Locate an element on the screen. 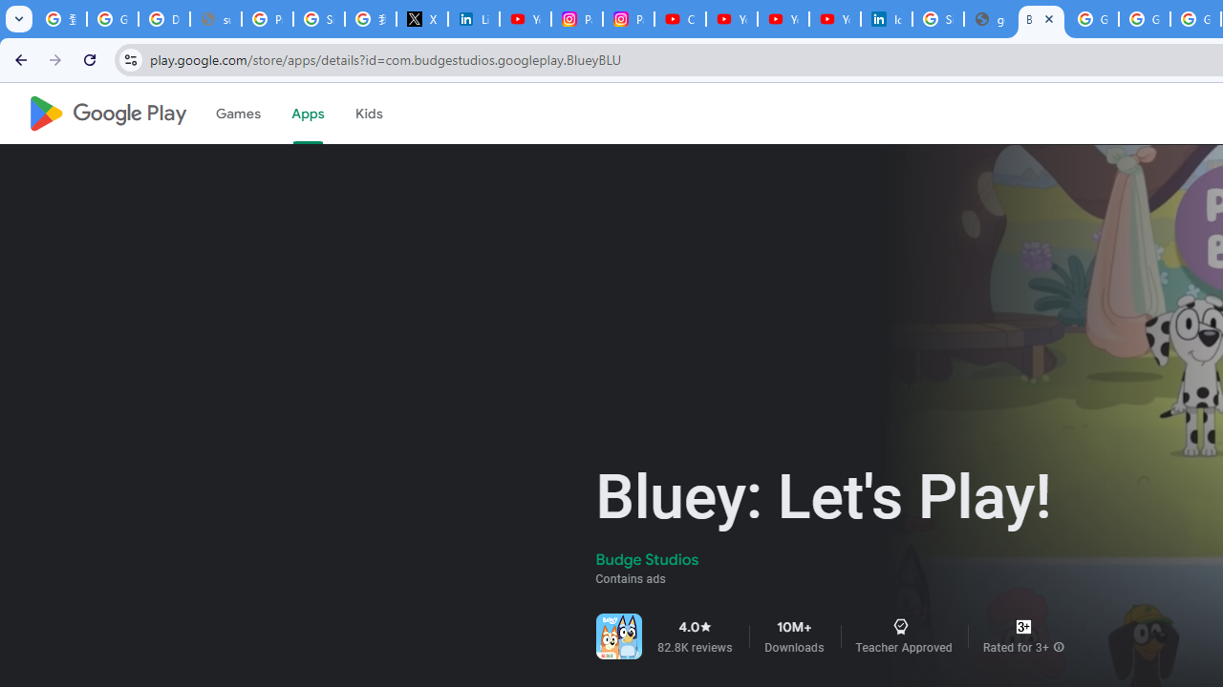 The image size is (1223, 687). 'YouTube Culture & Trends - YouTube Top 10, 2021' is located at coordinates (835, 19).